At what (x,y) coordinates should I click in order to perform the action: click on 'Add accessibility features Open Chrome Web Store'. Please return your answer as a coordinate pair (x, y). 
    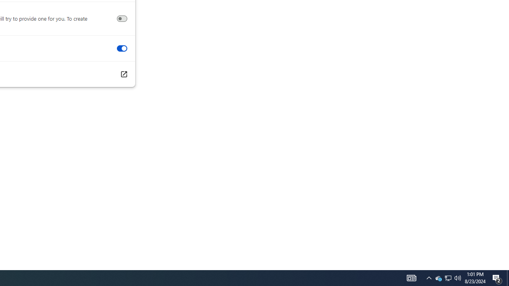
    Looking at the image, I should click on (123, 74).